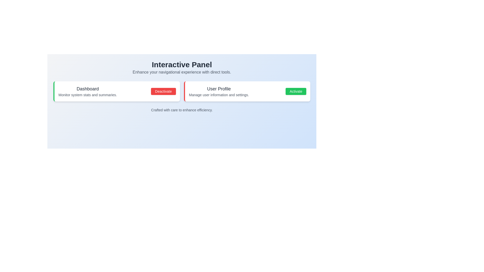 The width and height of the screenshot is (484, 272). Describe the element at coordinates (219, 91) in the screenshot. I see `the text display element that shows information about the 'User Profile' section, located centrally between the 'Deactivate' button and the 'Activate' button` at that location.